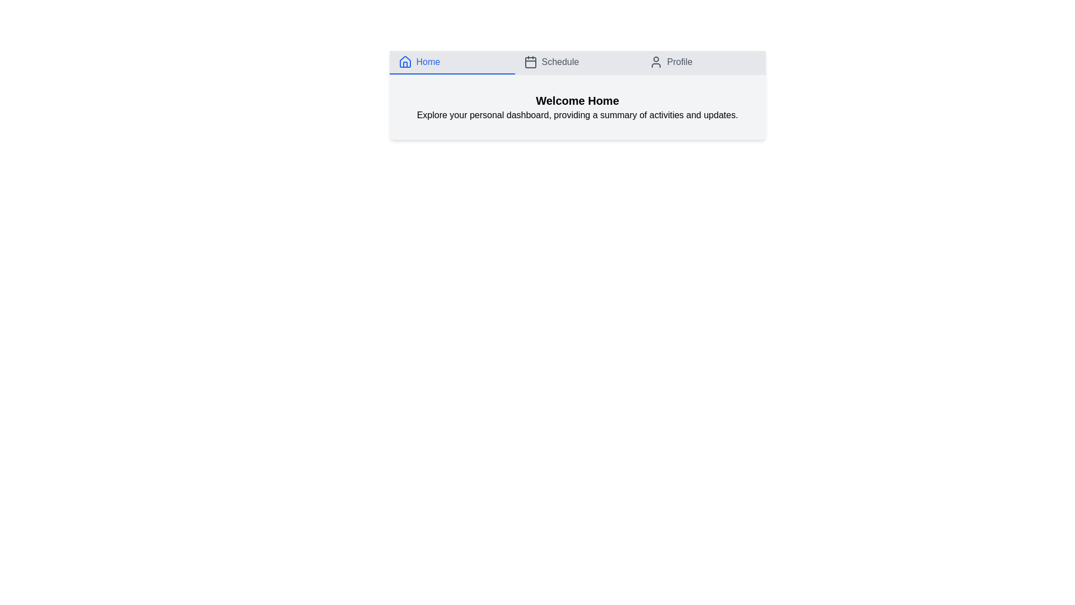 This screenshot has height=605, width=1075. What do you see at coordinates (452, 62) in the screenshot?
I see `the Home tab` at bounding box center [452, 62].